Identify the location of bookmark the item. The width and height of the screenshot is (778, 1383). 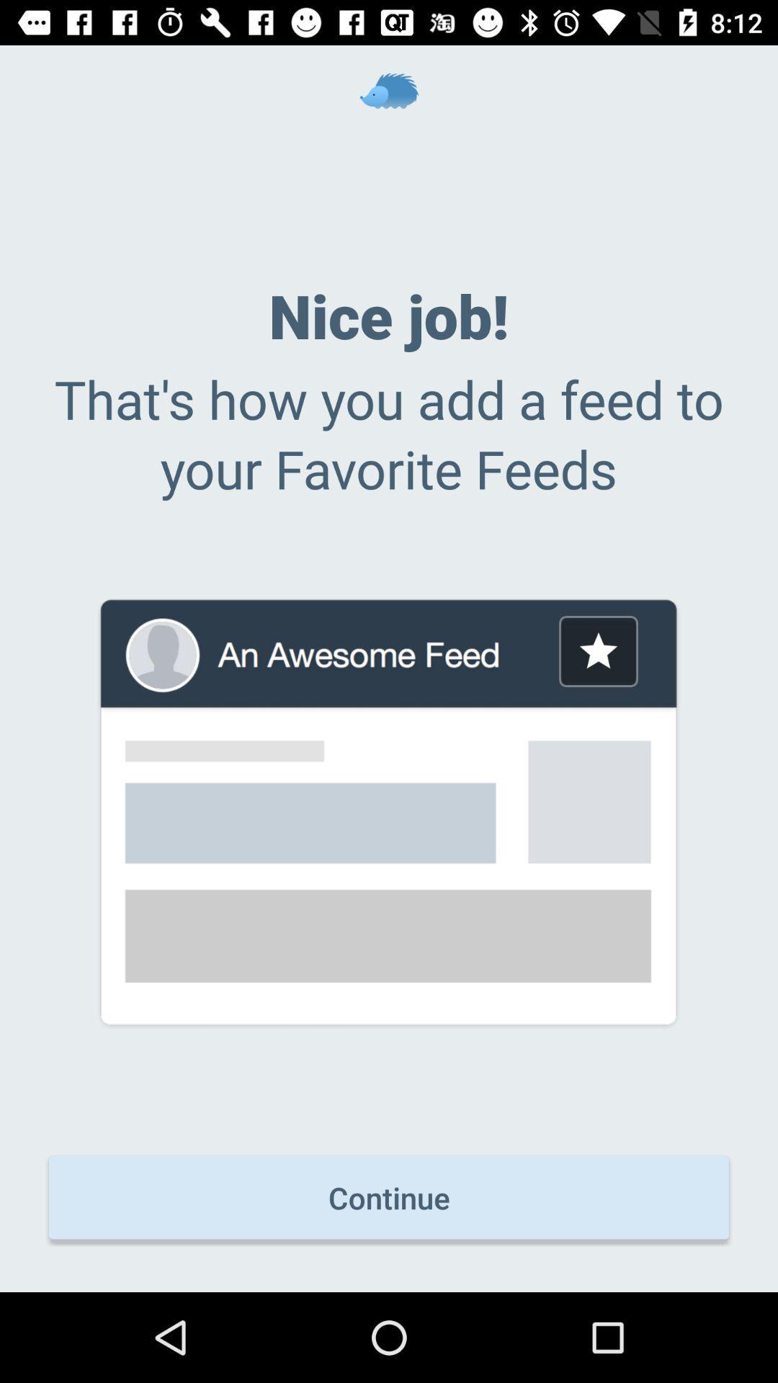
(598, 650).